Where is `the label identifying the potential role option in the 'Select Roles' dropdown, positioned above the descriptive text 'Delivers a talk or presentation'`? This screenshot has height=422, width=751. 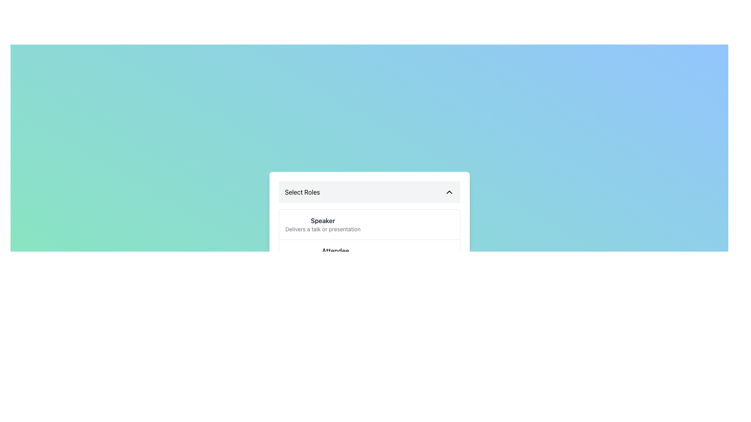
the label identifying the potential role option in the 'Select Roles' dropdown, positioned above the descriptive text 'Delivers a talk or presentation' is located at coordinates (323, 220).